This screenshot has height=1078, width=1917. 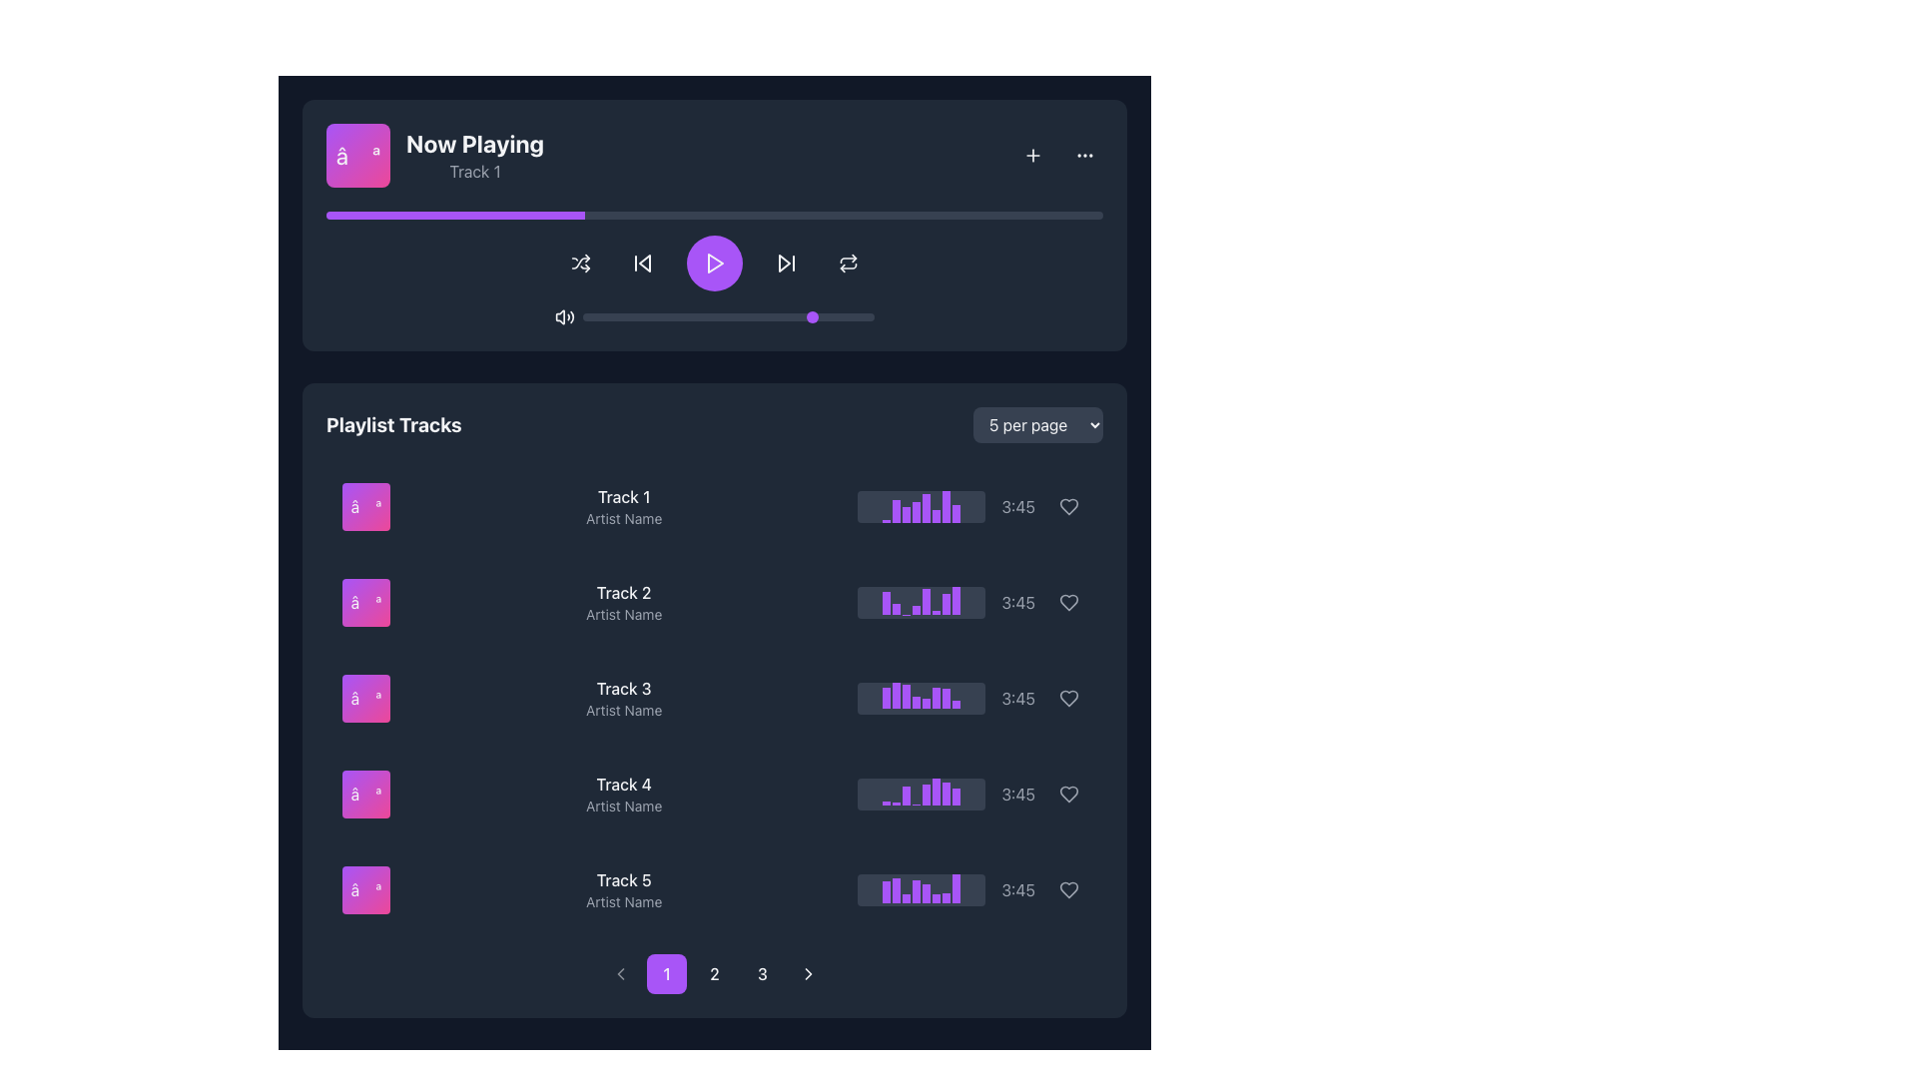 I want to click on text label saying 'Track 2', which is styled in a medium font weight and positioned centrally within its containing area on a dark blue background, so click(x=623, y=592).